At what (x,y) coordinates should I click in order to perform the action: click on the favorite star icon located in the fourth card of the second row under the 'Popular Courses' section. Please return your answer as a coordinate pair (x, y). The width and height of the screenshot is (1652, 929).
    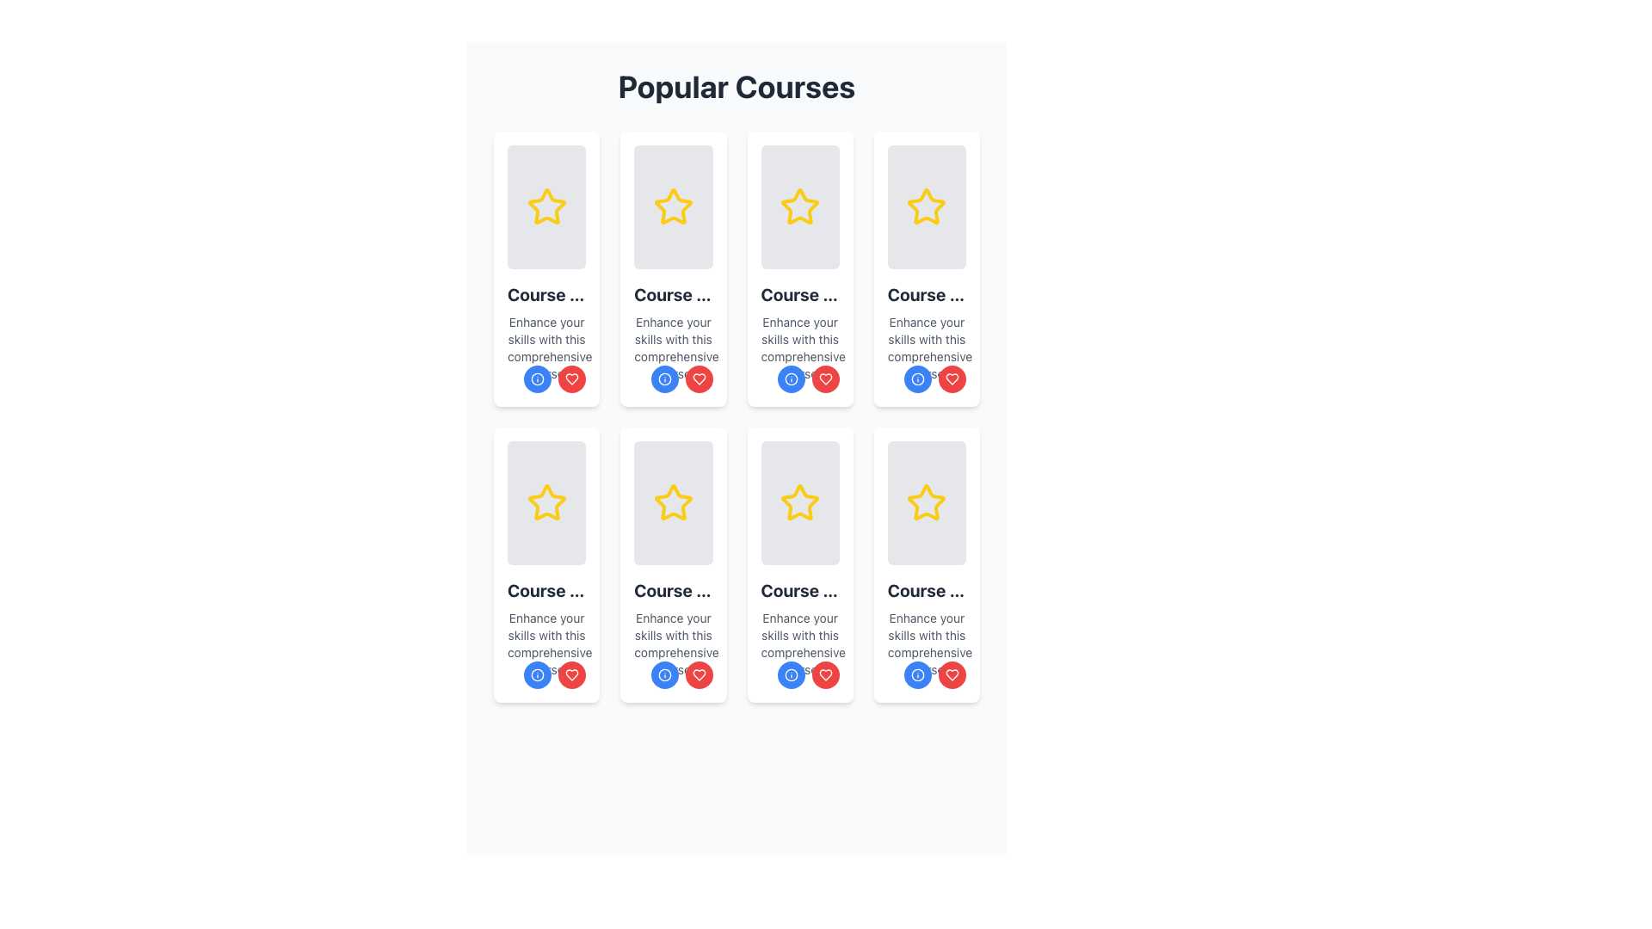
    Looking at the image, I should click on (799, 502).